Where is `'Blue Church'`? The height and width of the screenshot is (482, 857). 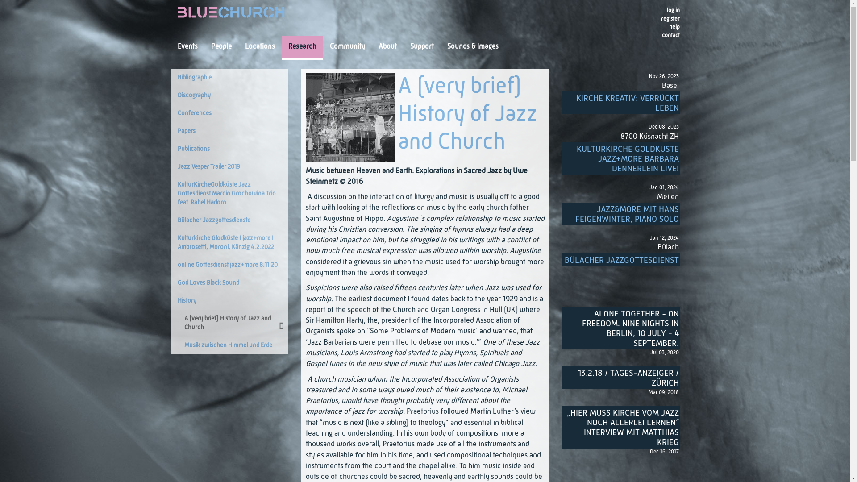
'Blue Church' is located at coordinates (231, 14).